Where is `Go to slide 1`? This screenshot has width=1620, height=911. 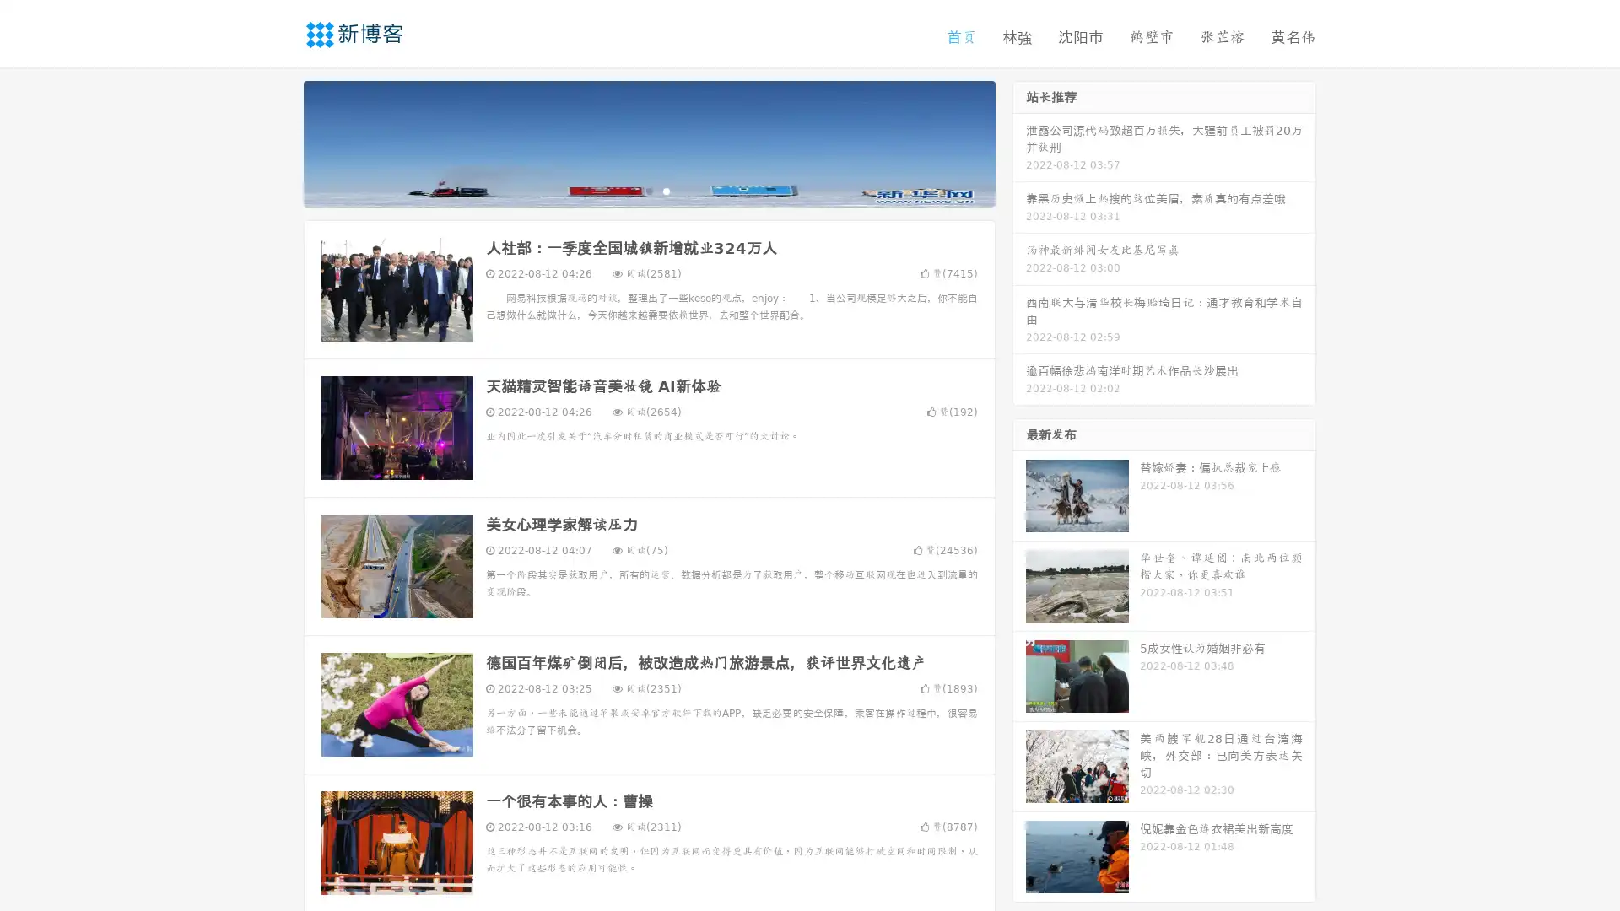 Go to slide 1 is located at coordinates (631, 190).